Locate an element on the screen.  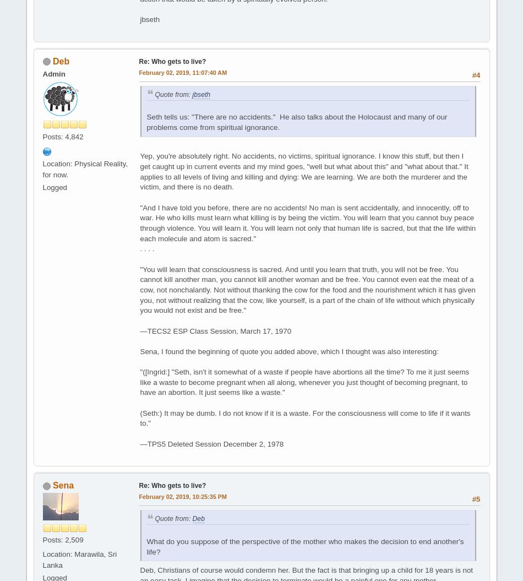
'February 02, 2019, 10:25:35 PM' is located at coordinates (182, 496).